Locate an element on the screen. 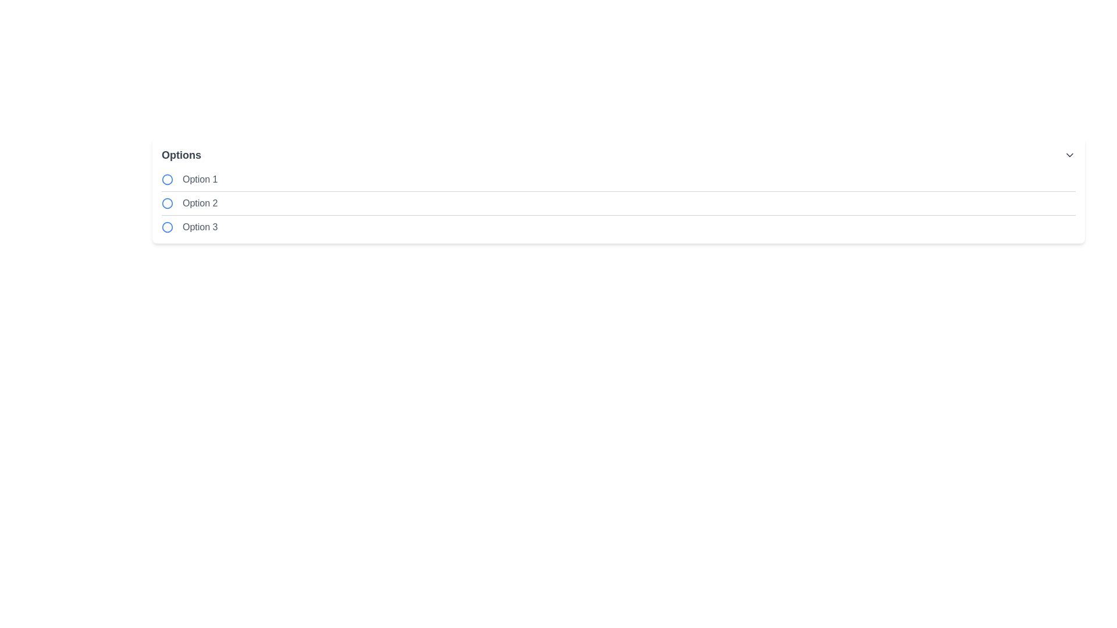 The width and height of the screenshot is (1117, 628). the Horizontal Line (Divider) element that separates 'Option 1' and 'Option 2' is located at coordinates (618, 191).